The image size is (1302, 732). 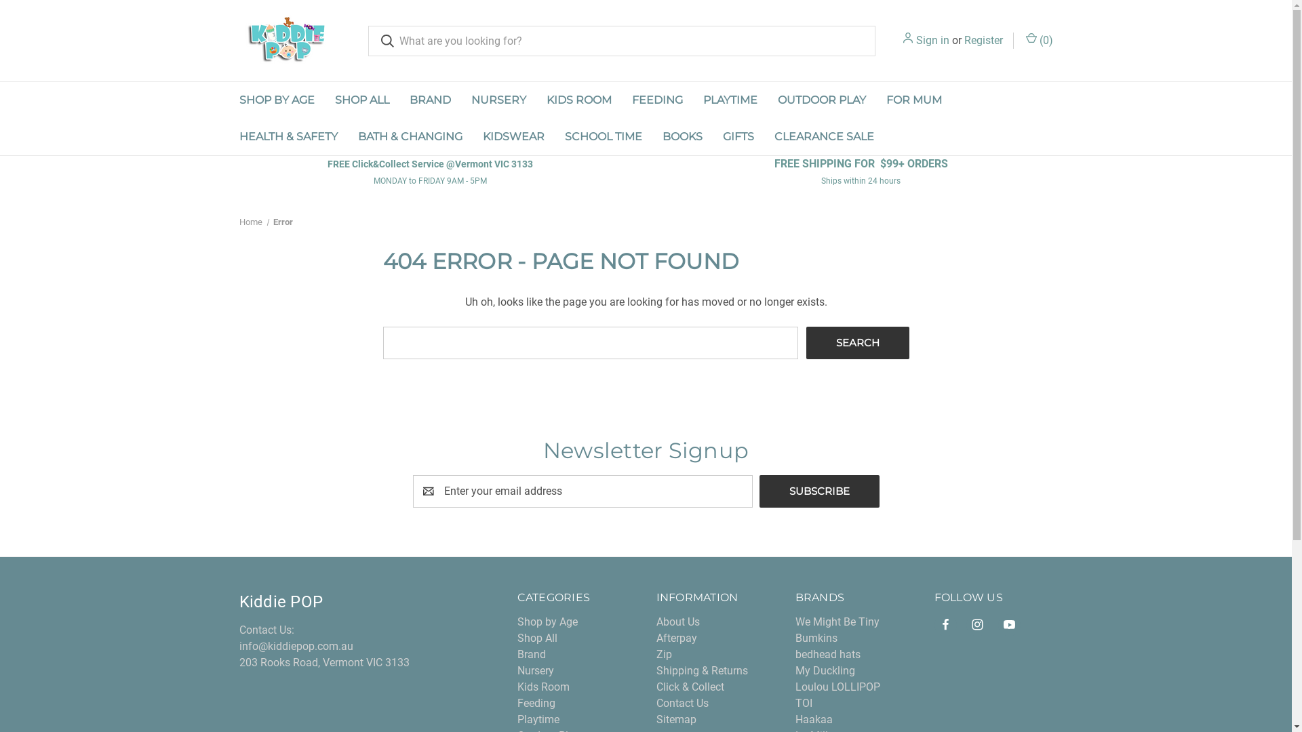 I want to click on 'FOR MUM', so click(x=914, y=99).